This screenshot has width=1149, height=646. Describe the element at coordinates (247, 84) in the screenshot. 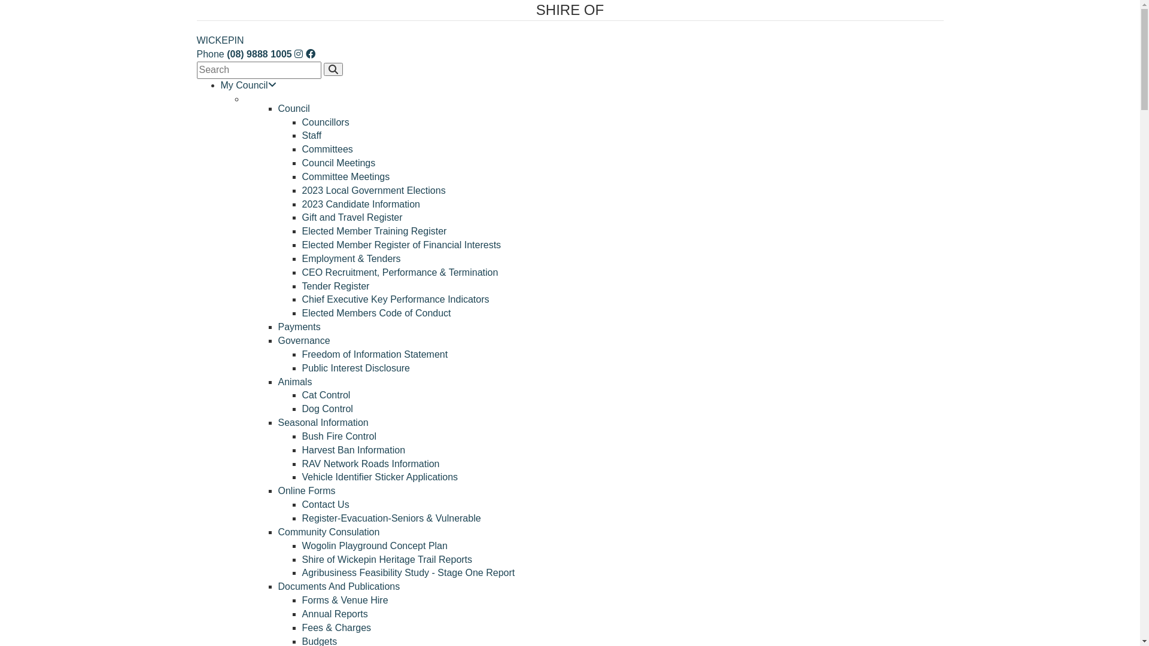

I see `'My Council'` at that location.